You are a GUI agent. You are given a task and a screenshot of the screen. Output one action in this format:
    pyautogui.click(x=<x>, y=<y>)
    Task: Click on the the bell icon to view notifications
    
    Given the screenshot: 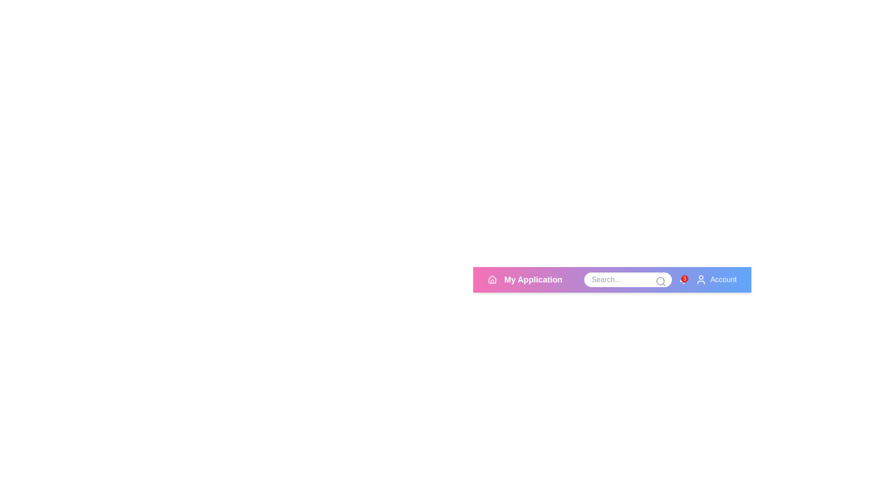 What is the action you would take?
    pyautogui.click(x=684, y=279)
    